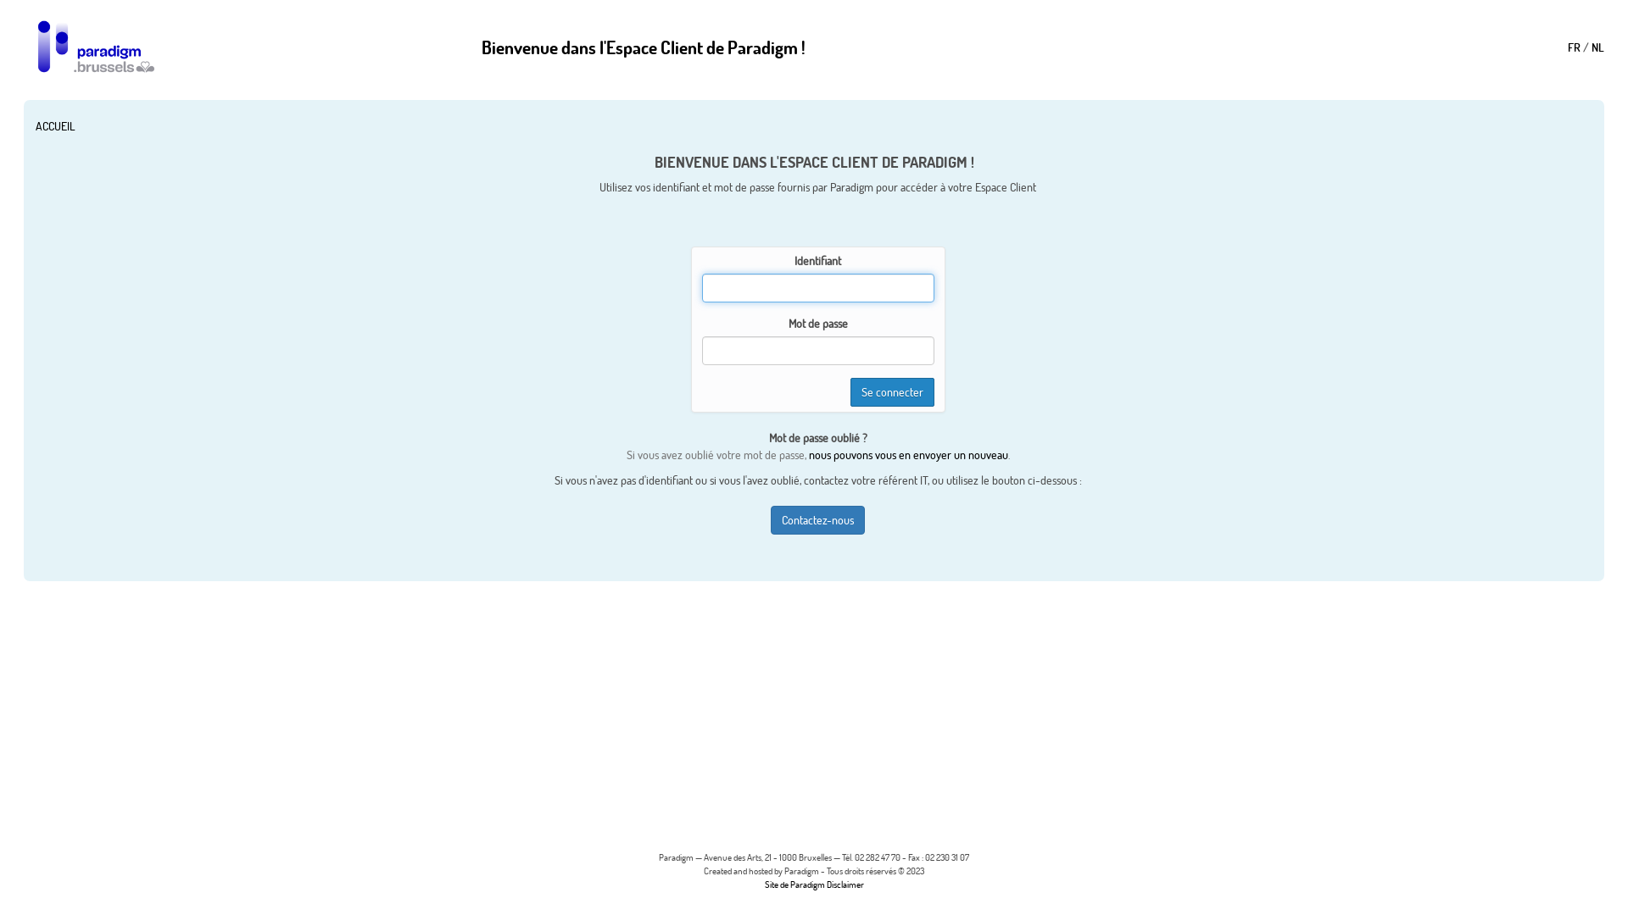 The height and width of the screenshot is (915, 1628). Describe the element at coordinates (1573, 45) in the screenshot. I see `'FR'` at that location.